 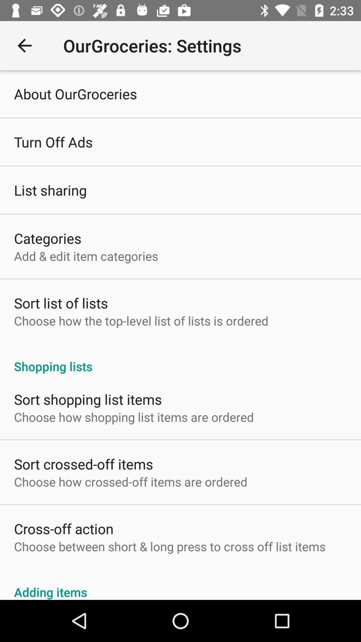 I want to click on the item below the choose between short item, so click(x=180, y=584).